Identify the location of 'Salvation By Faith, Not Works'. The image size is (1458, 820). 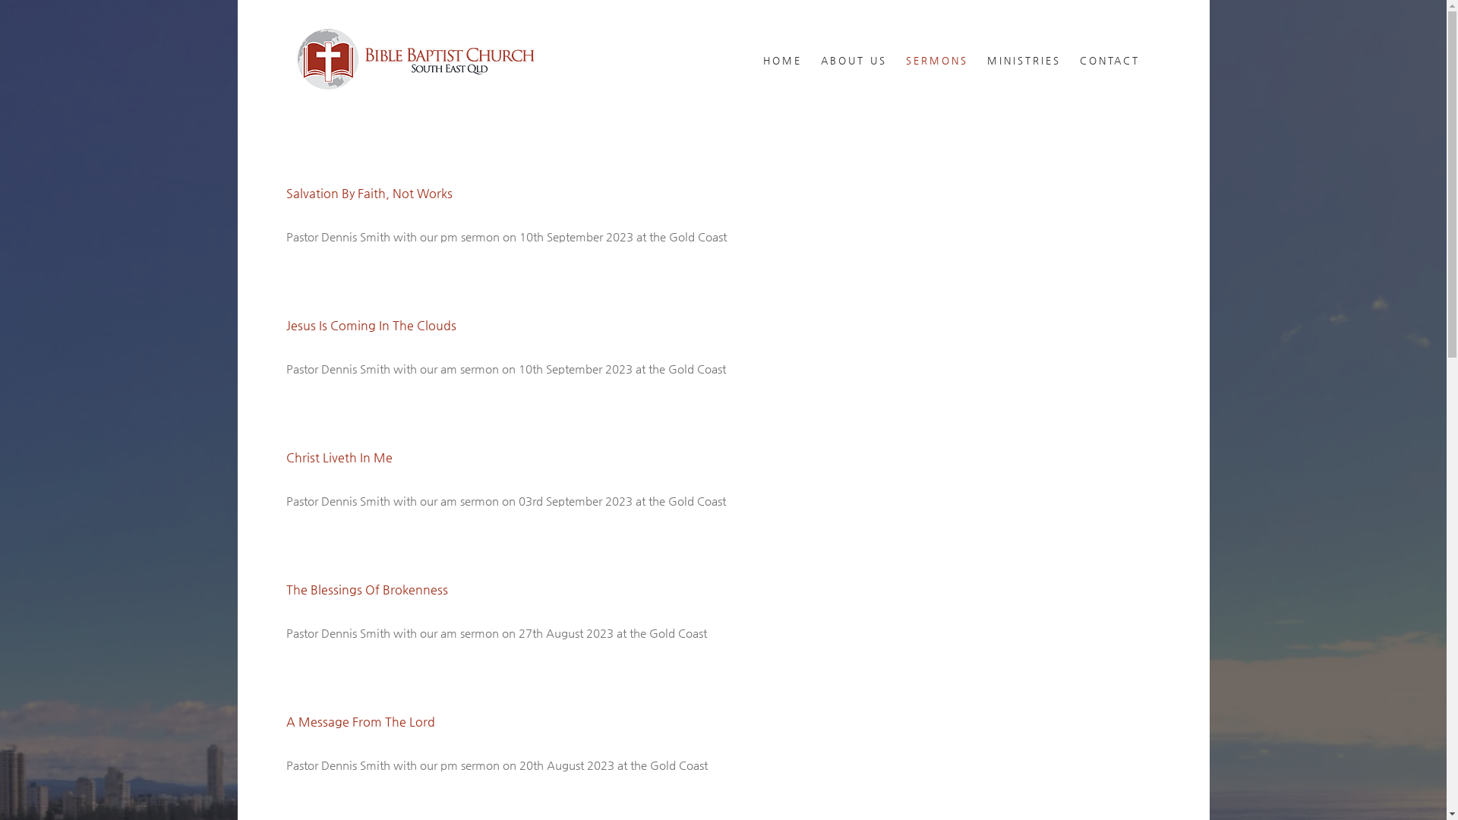
(368, 192).